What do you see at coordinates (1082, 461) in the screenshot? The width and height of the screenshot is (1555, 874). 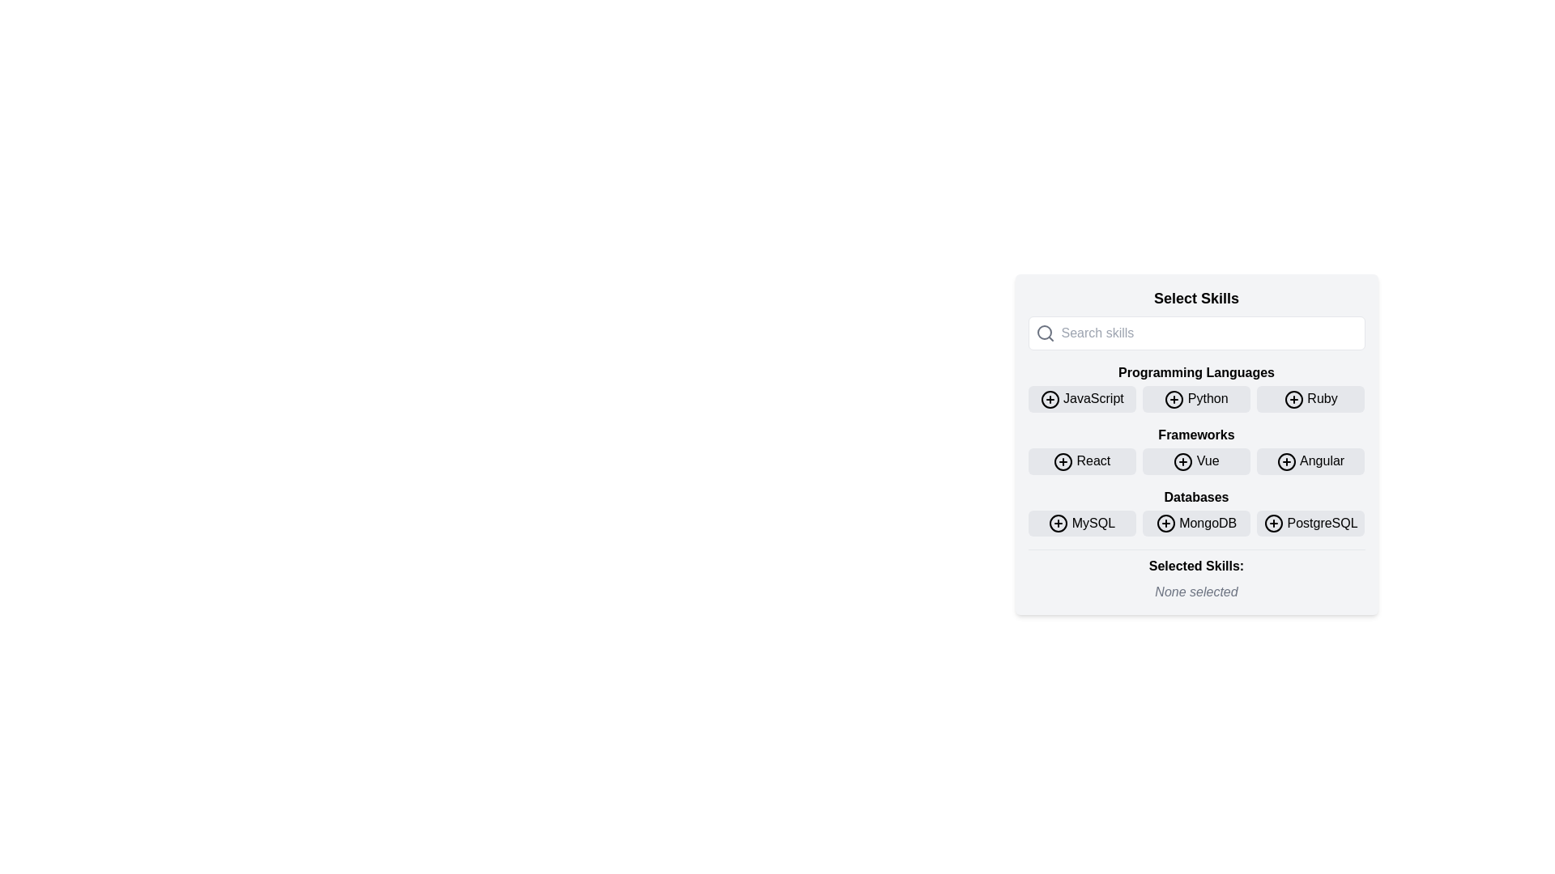 I see `the 'React' skill button located in the 'Frameworks' section` at bounding box center [1082, 461].